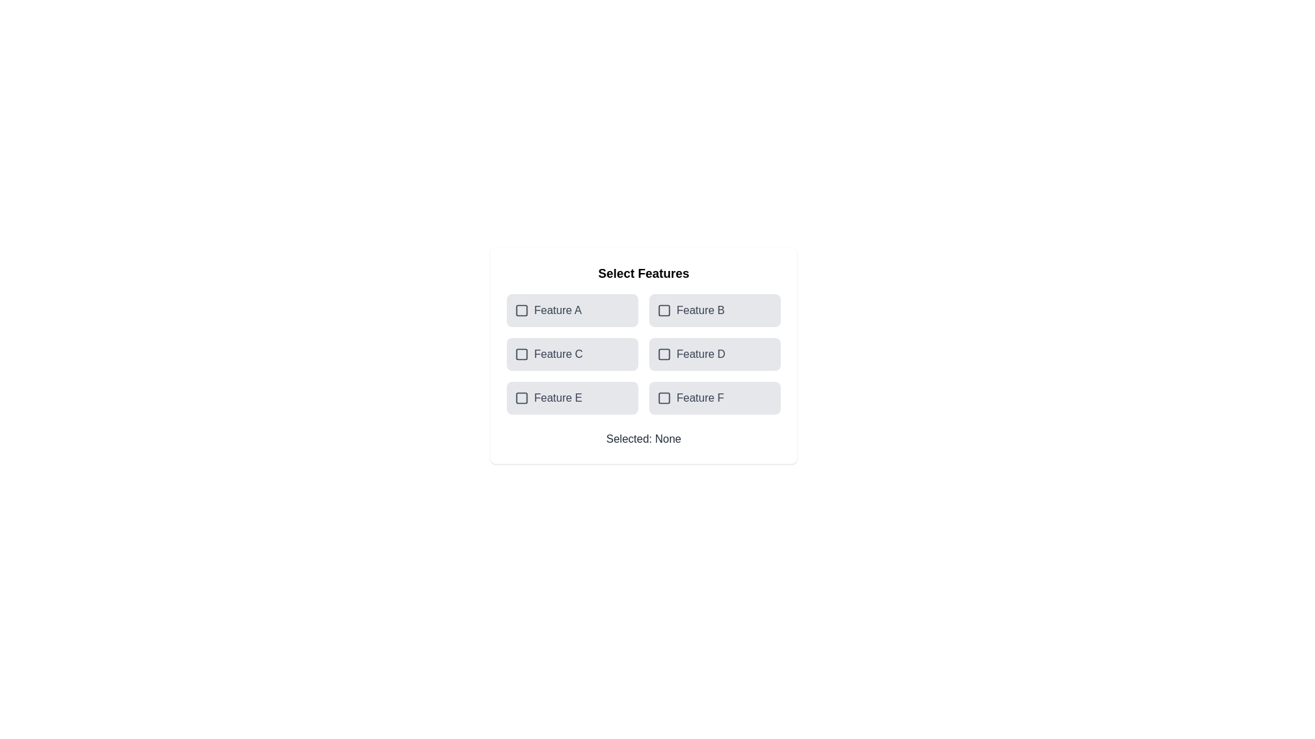  I want to click on the checkbox associated with the static text label 'Feature F', which is located in the bottom-right corner of the grid, so click(700, 398).